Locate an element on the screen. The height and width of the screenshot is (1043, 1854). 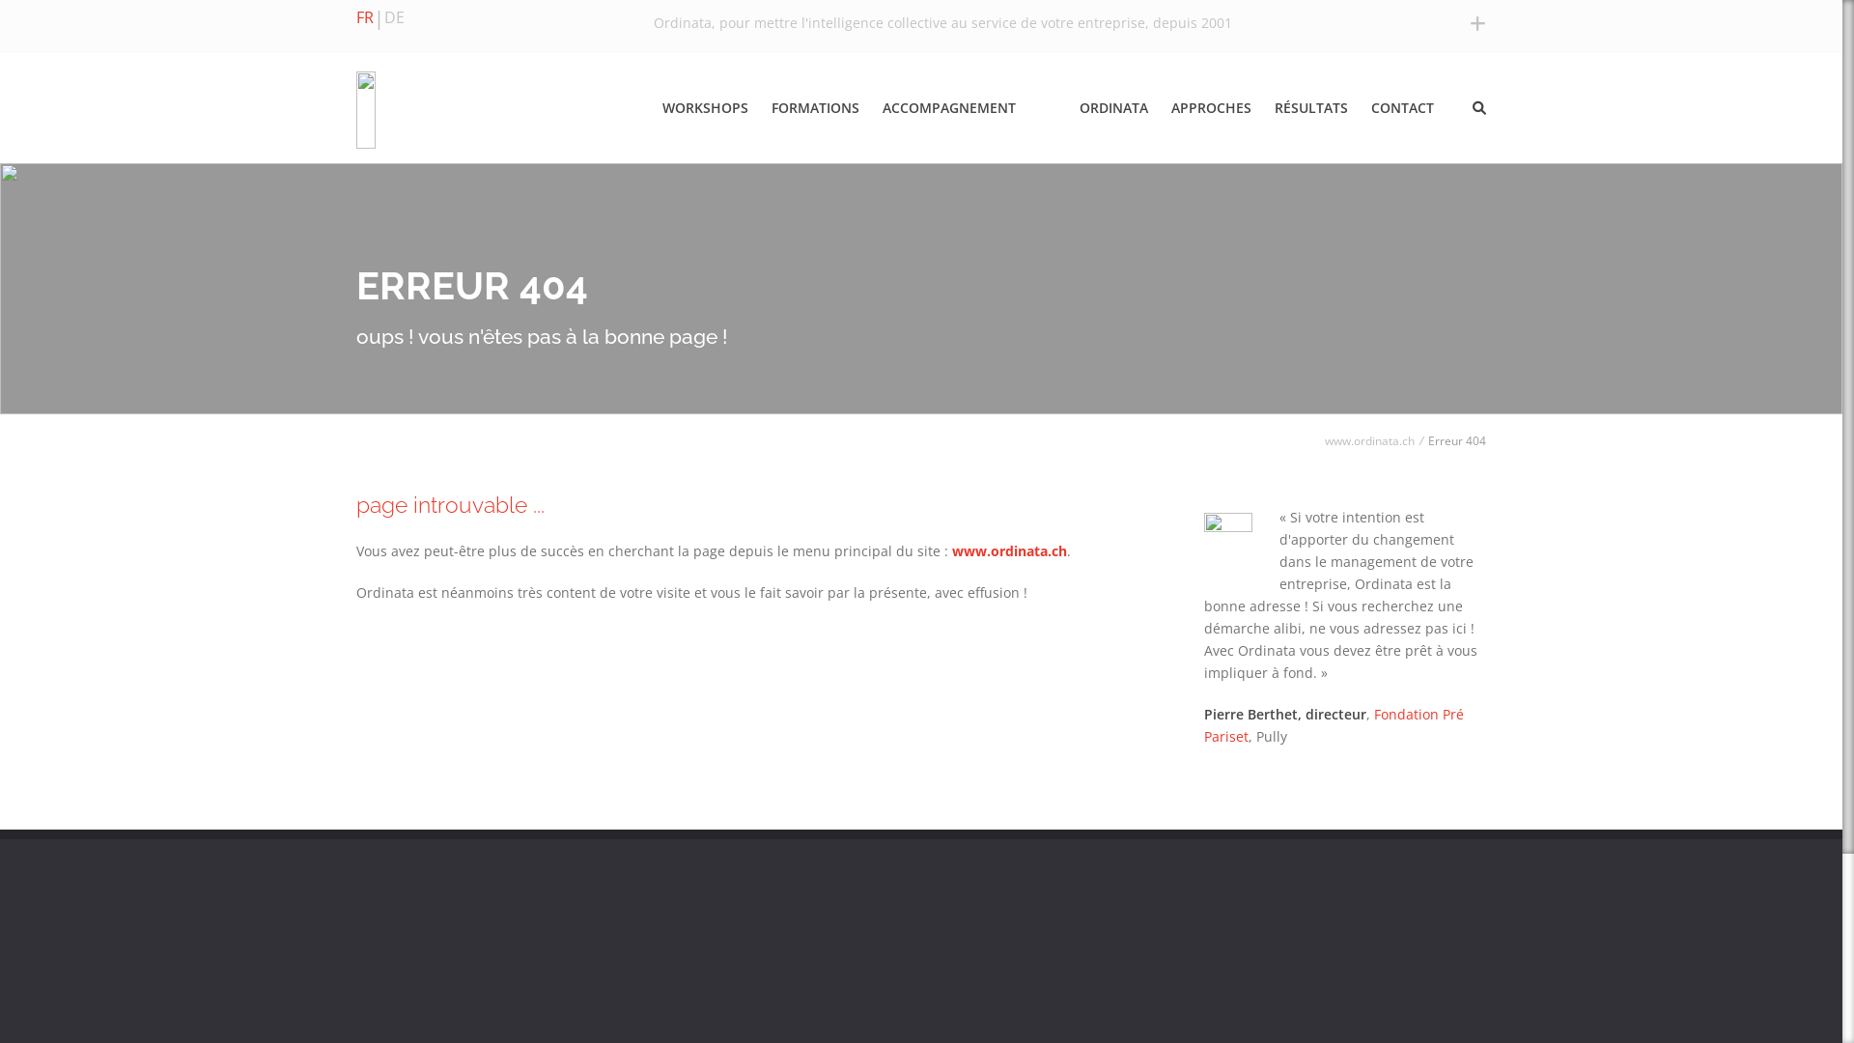
'WORKSHOPS' is located at coordinates (712, 107).